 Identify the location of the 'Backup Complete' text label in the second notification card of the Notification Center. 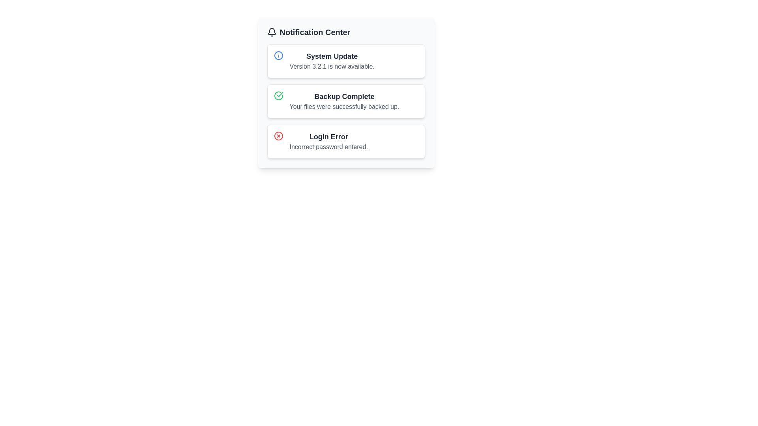
(344, 96).